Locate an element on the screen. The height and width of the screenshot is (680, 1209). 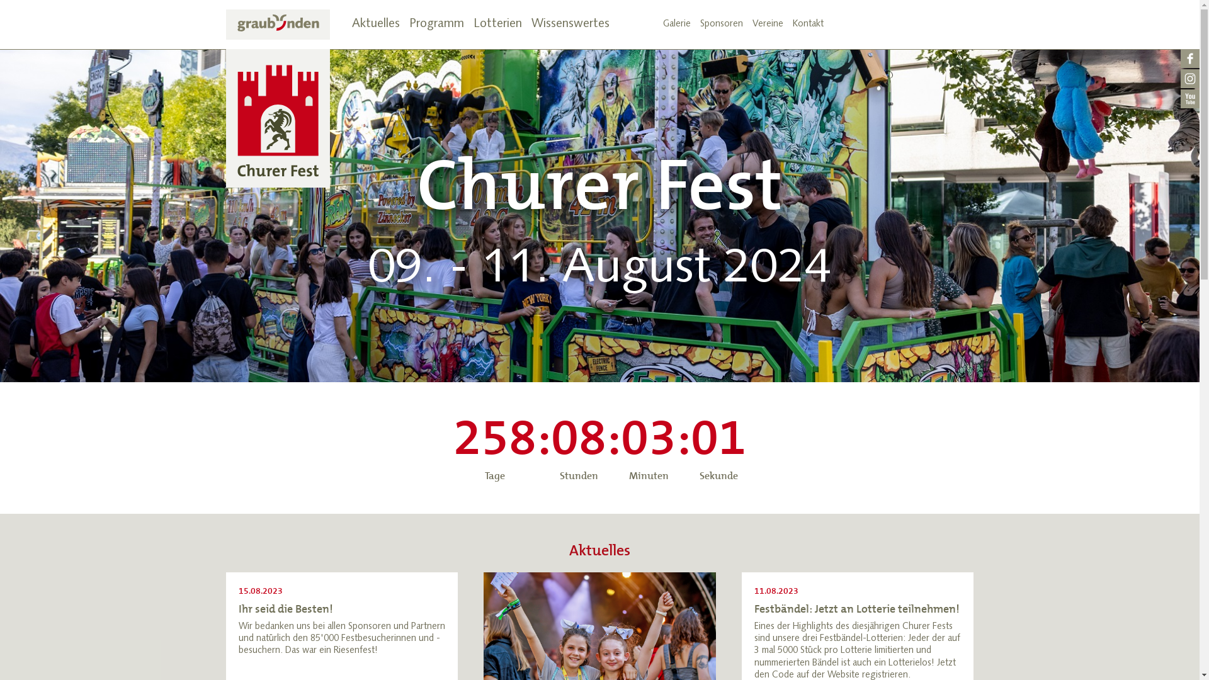
'Lotterien' is located at coordinates (473, 24).